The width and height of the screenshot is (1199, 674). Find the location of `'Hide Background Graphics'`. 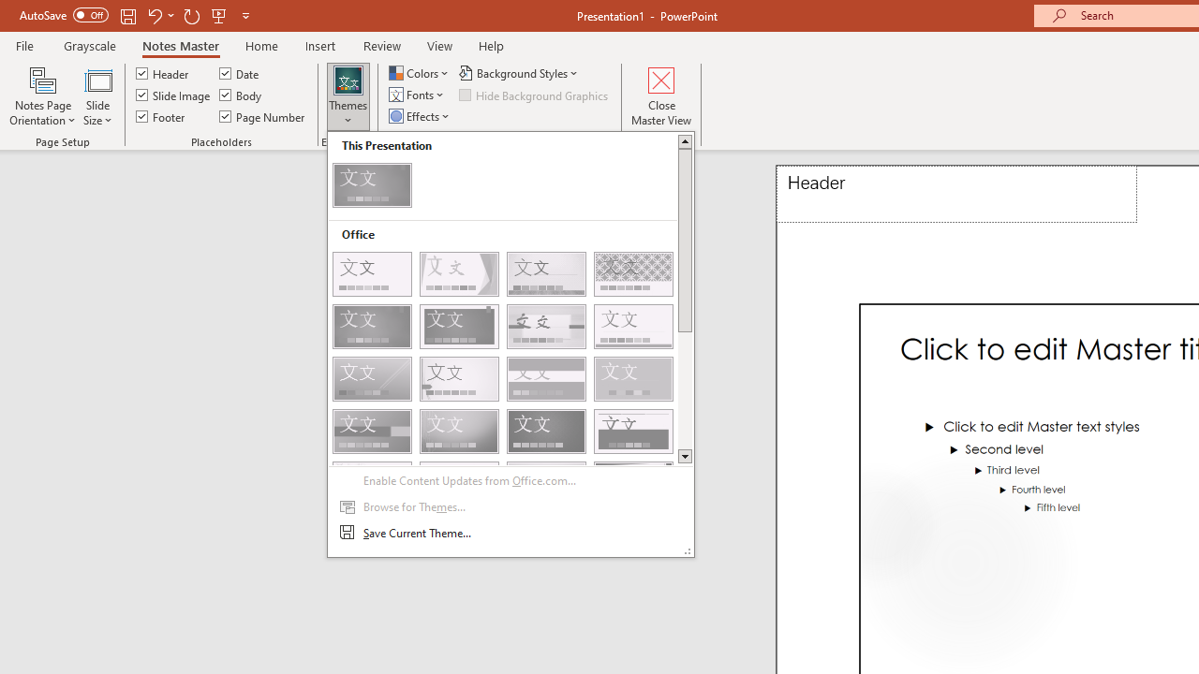

'Hide Background Graphics' is located at coordinates (533, 95).